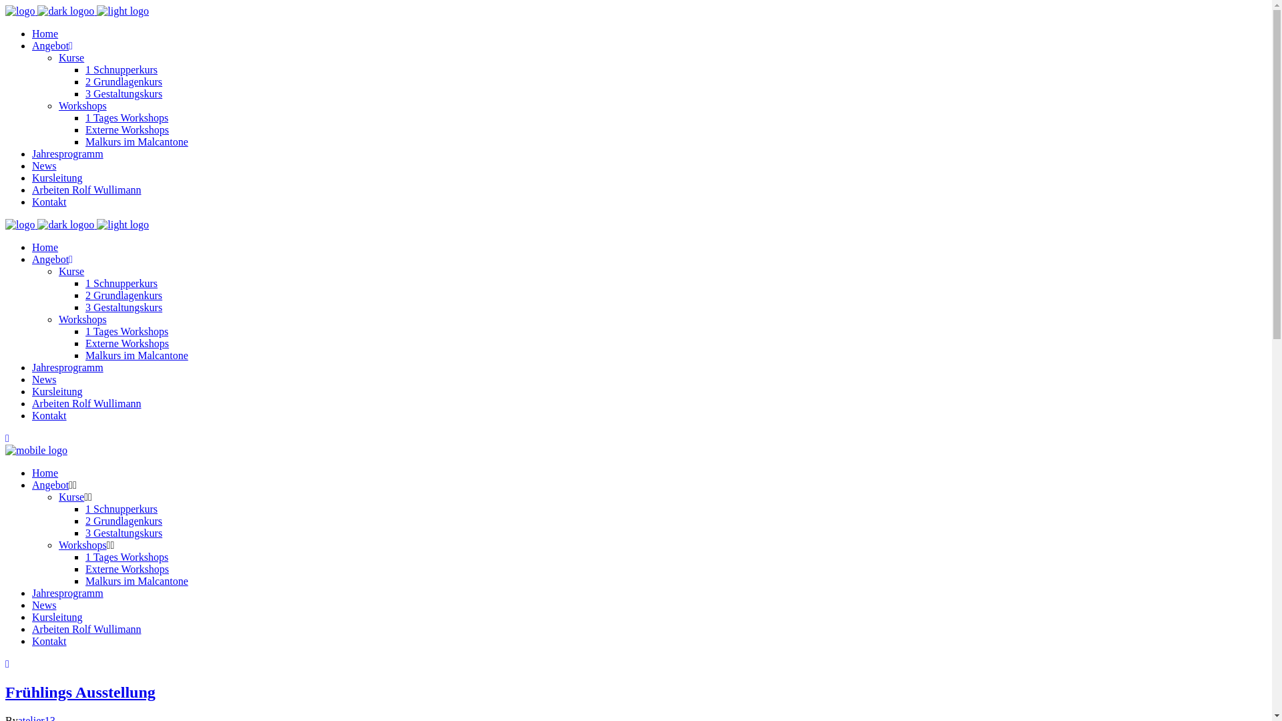 The image size is (1282, 721). Describe the element at coordinates (124, 307) in the screenshot. I see `'3 Gestaltungskurs'` at that location.